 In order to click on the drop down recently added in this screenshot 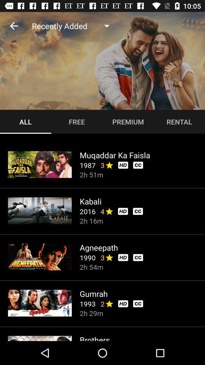, I will do `click(73, 26)`.